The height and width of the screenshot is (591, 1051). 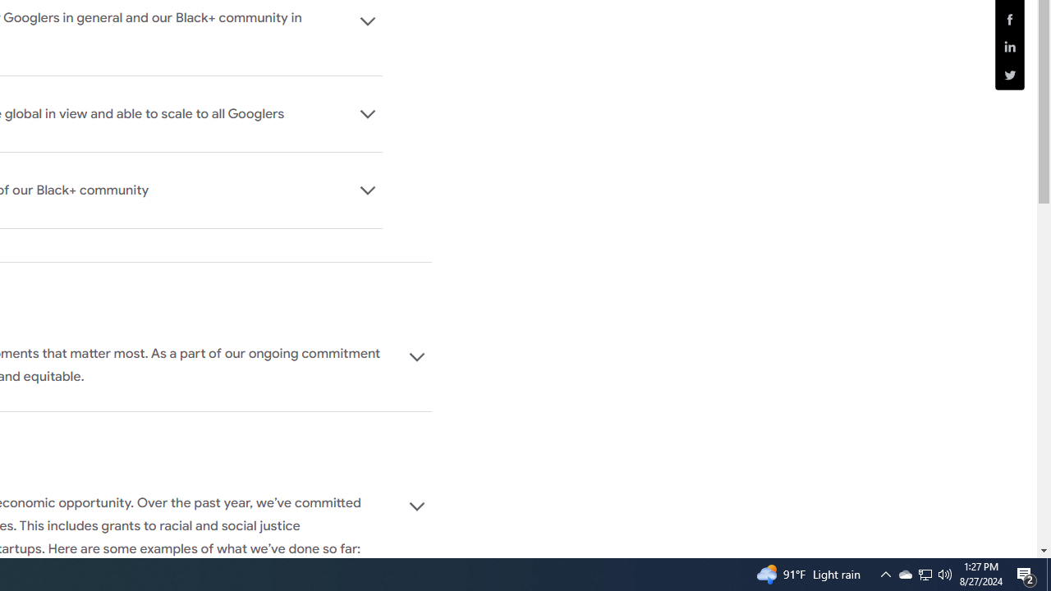 What do you see at coordinates (1009, 46) in the screenshot?
I see `'Share this page (LinkedIn)'` at bounding box center [1009, 46].